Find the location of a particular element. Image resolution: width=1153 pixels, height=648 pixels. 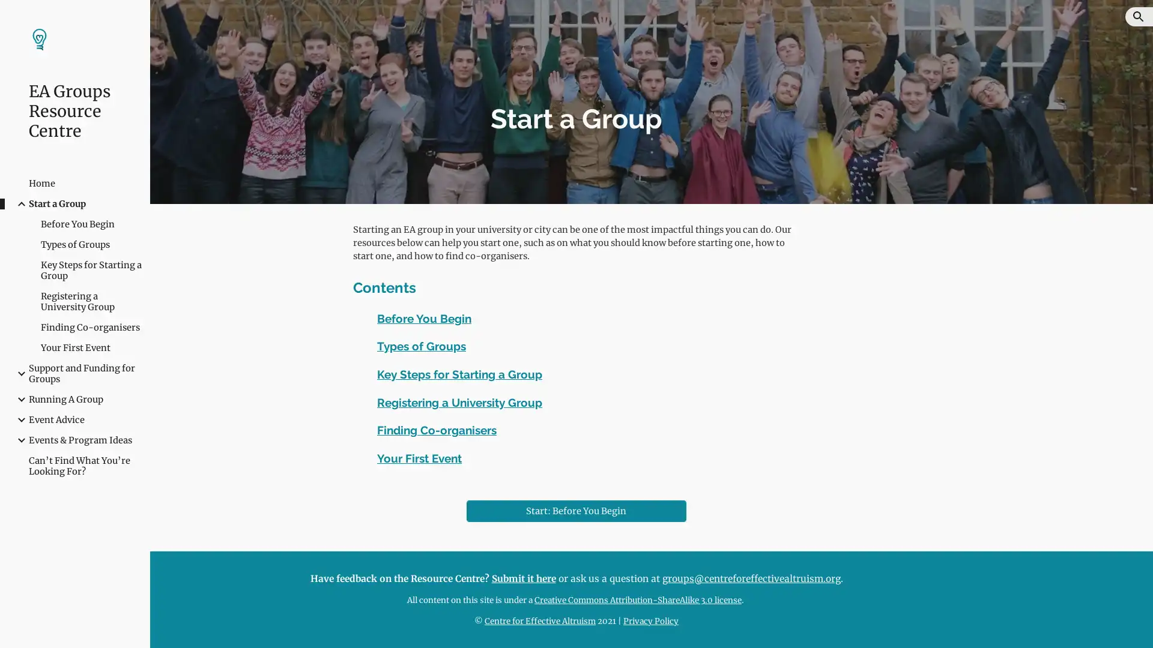

Copy heading link is located at coordinates (554, 346).